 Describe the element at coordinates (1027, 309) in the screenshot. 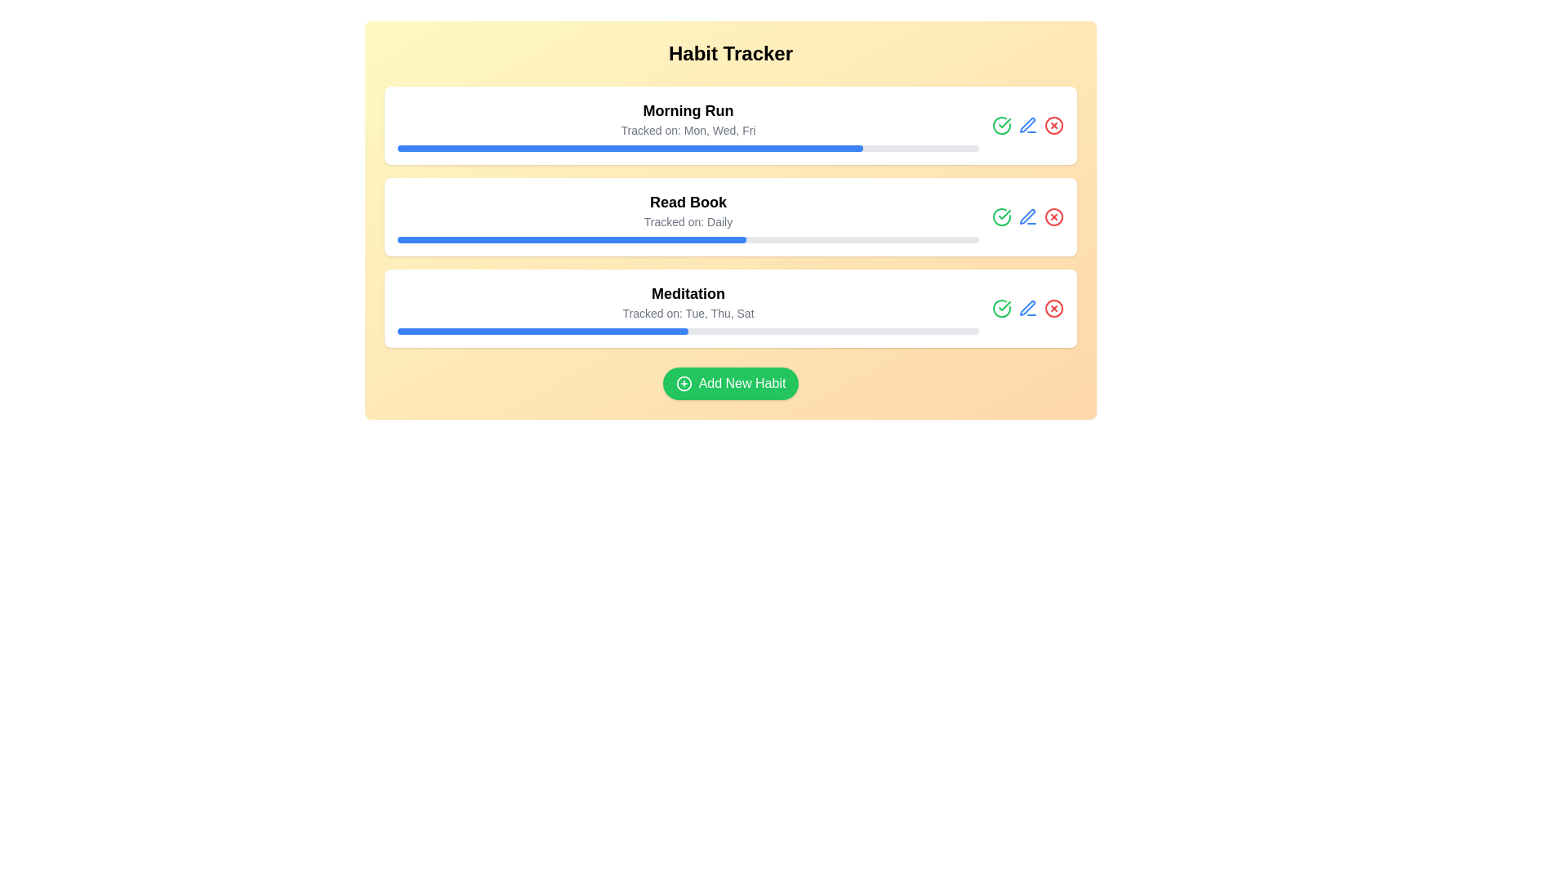

I see `the edit icon button located in the third row of the habit list titled 'Meditation', situated between the green checkmark and the red cross icon` at that location.